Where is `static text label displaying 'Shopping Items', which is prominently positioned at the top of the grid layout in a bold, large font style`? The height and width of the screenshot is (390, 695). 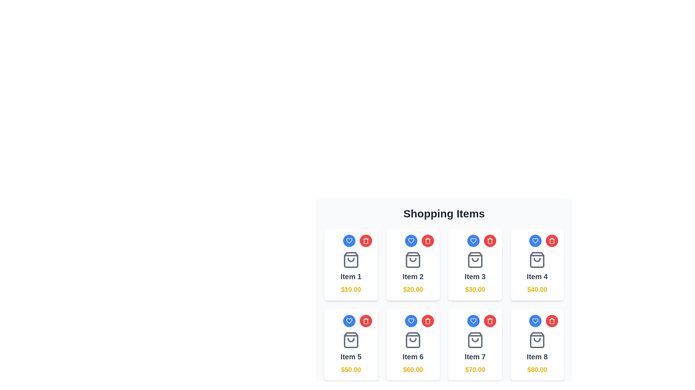 static text label displaying 'Shopping Items', which is prominently positioned at the top of the grid layout in a bold, large font style is located at coordinates (444, 213).